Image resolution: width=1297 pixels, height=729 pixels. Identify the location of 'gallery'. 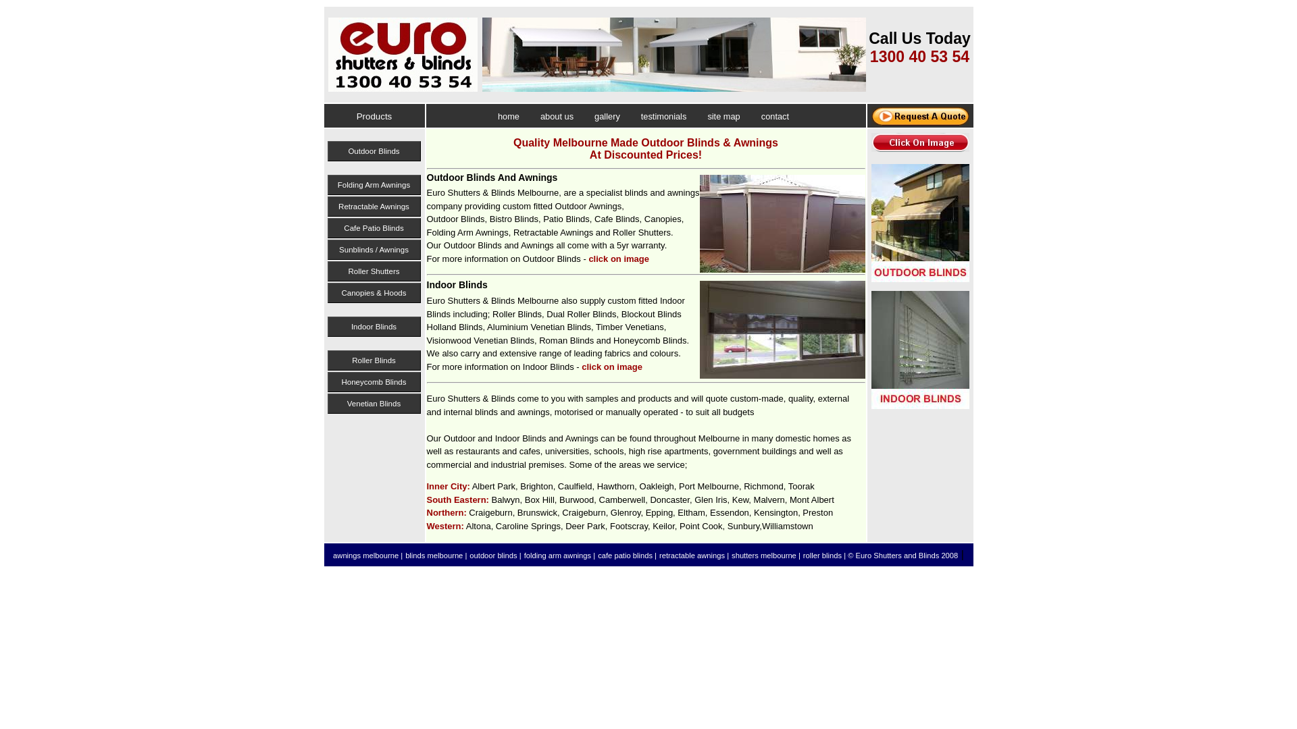
(606, 115).